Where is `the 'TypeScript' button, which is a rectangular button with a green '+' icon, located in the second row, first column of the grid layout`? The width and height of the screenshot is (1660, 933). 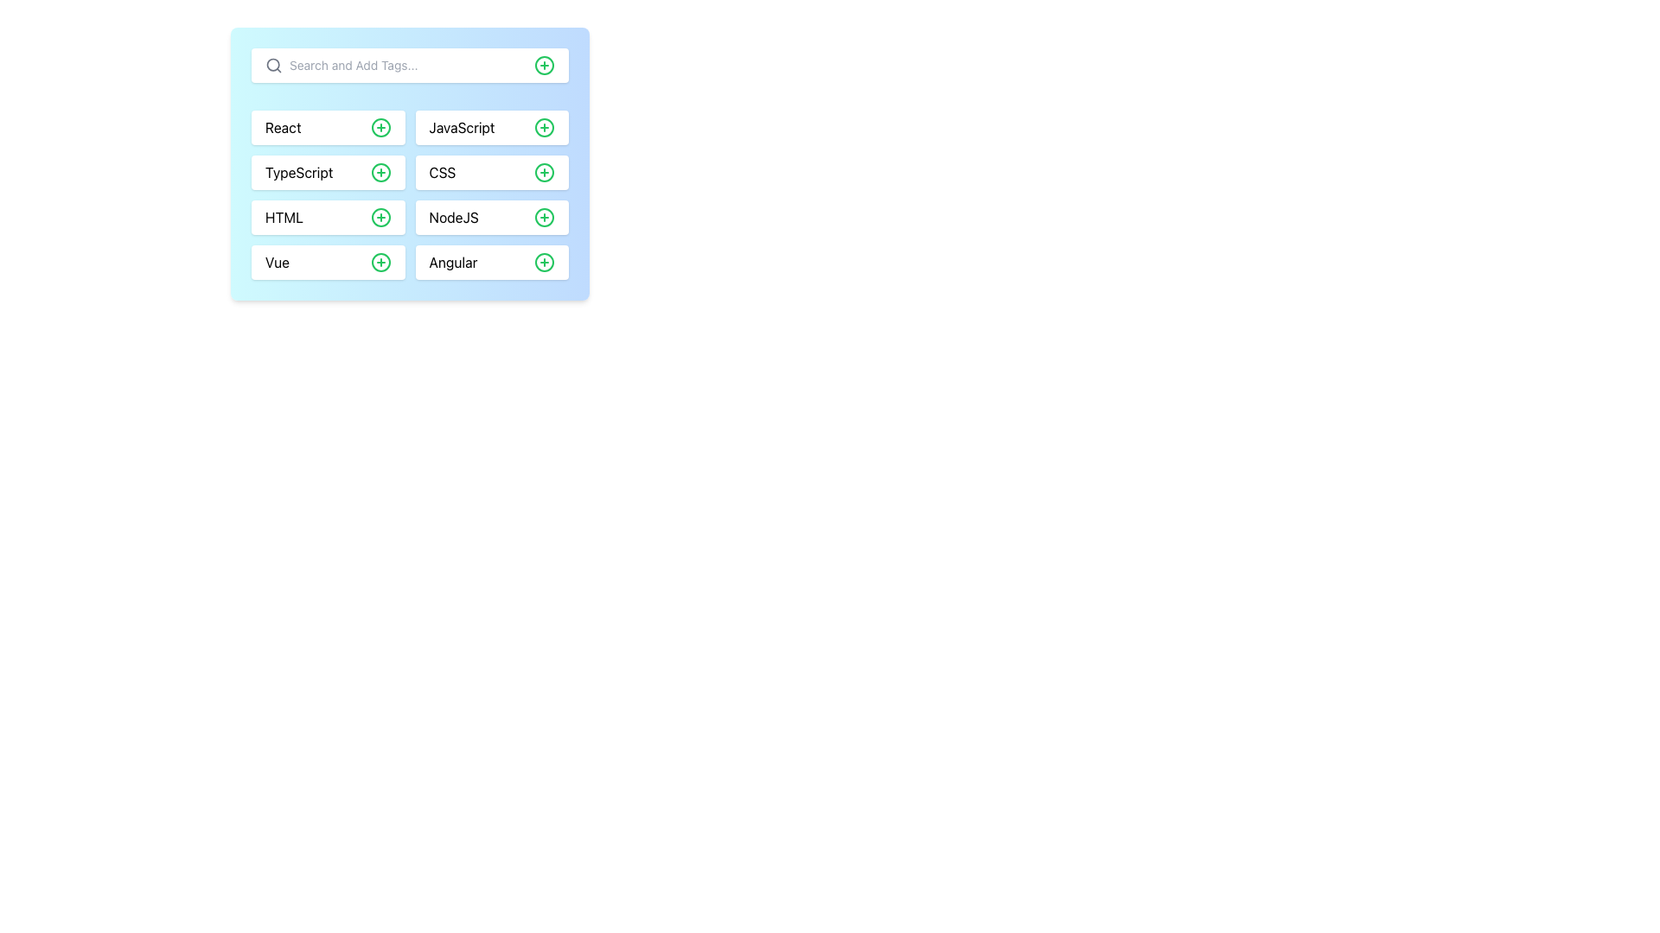
the 'TypeScript' button, which is a rectangular button with a green '+' icon, located in the second row, first column of the grid layout is located at coordinates (328, 173).